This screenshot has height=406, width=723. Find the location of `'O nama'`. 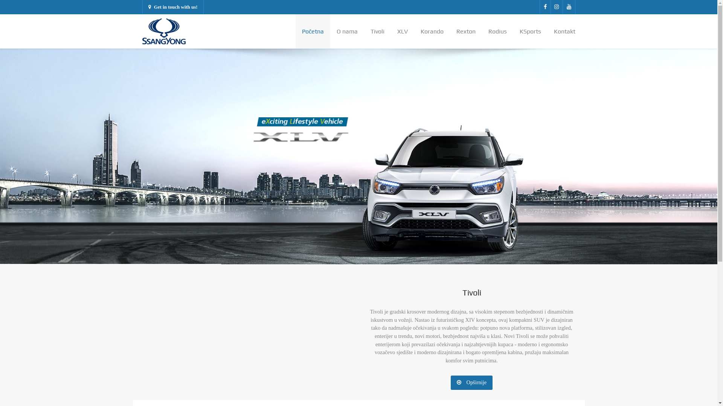

'O nama' is located at coordinates (346, 31).